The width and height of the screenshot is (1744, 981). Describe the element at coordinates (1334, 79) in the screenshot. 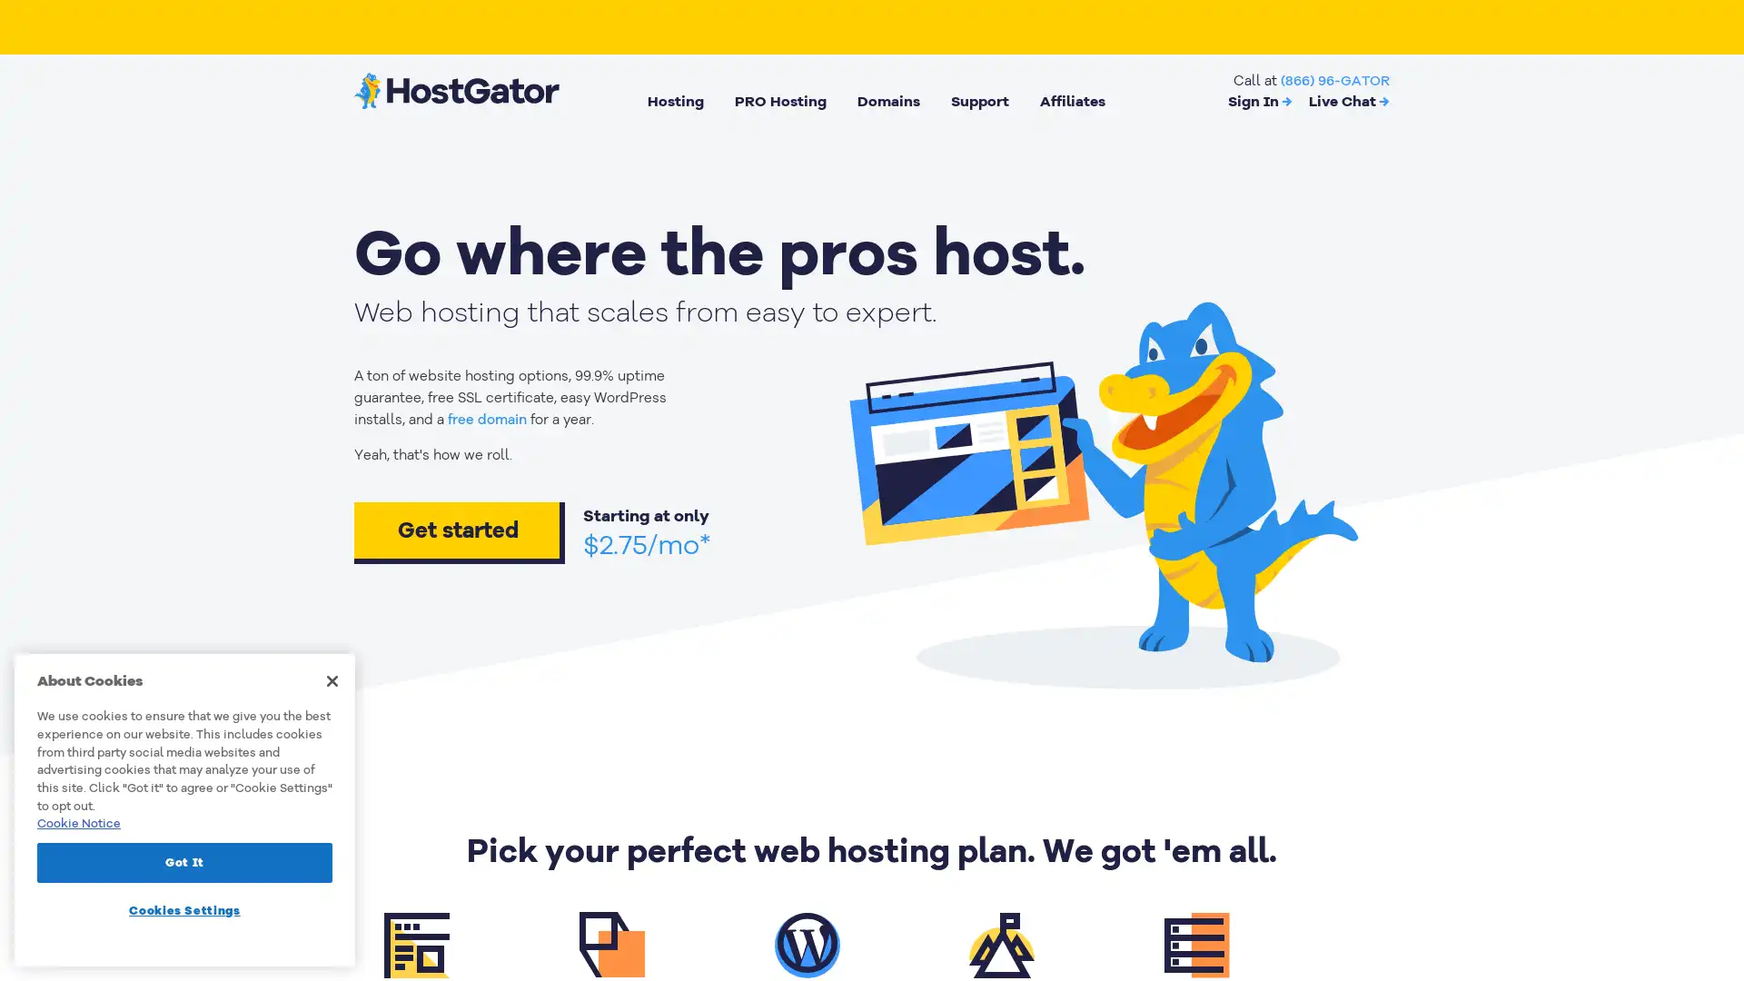

I see `(866) 96-GATOR` at that location.